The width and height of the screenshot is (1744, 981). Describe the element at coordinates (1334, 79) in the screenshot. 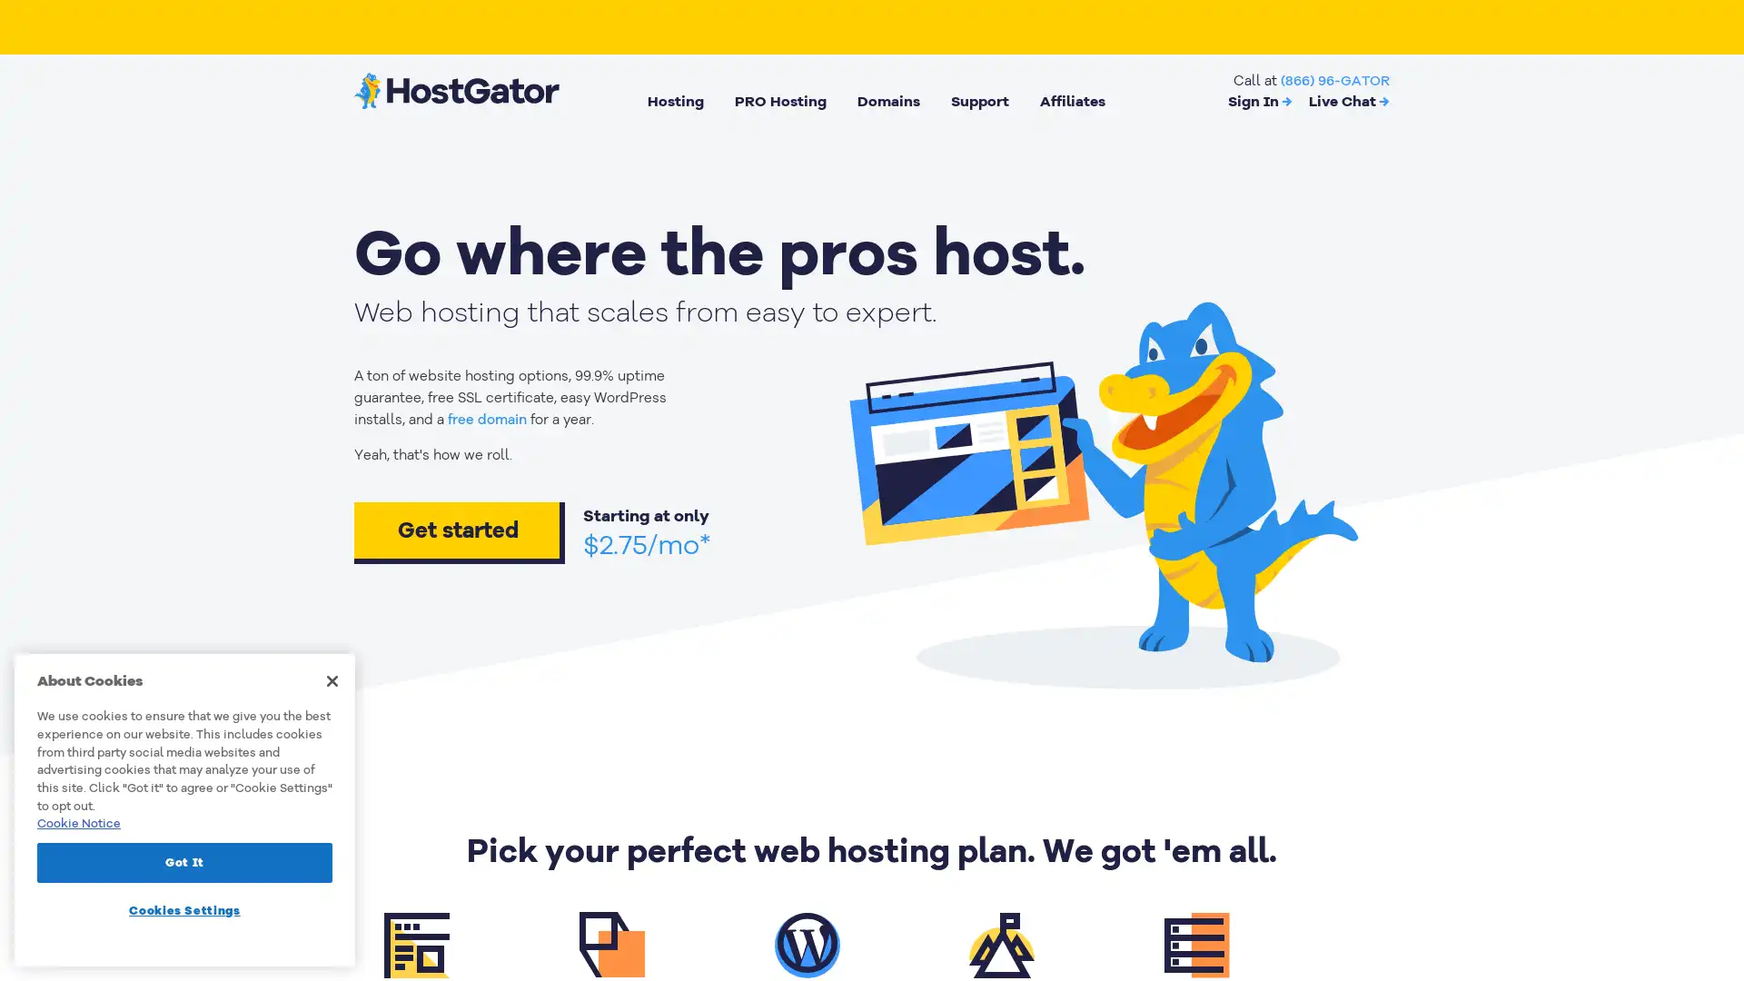

I see `(866) 96-GATOR` at that location.